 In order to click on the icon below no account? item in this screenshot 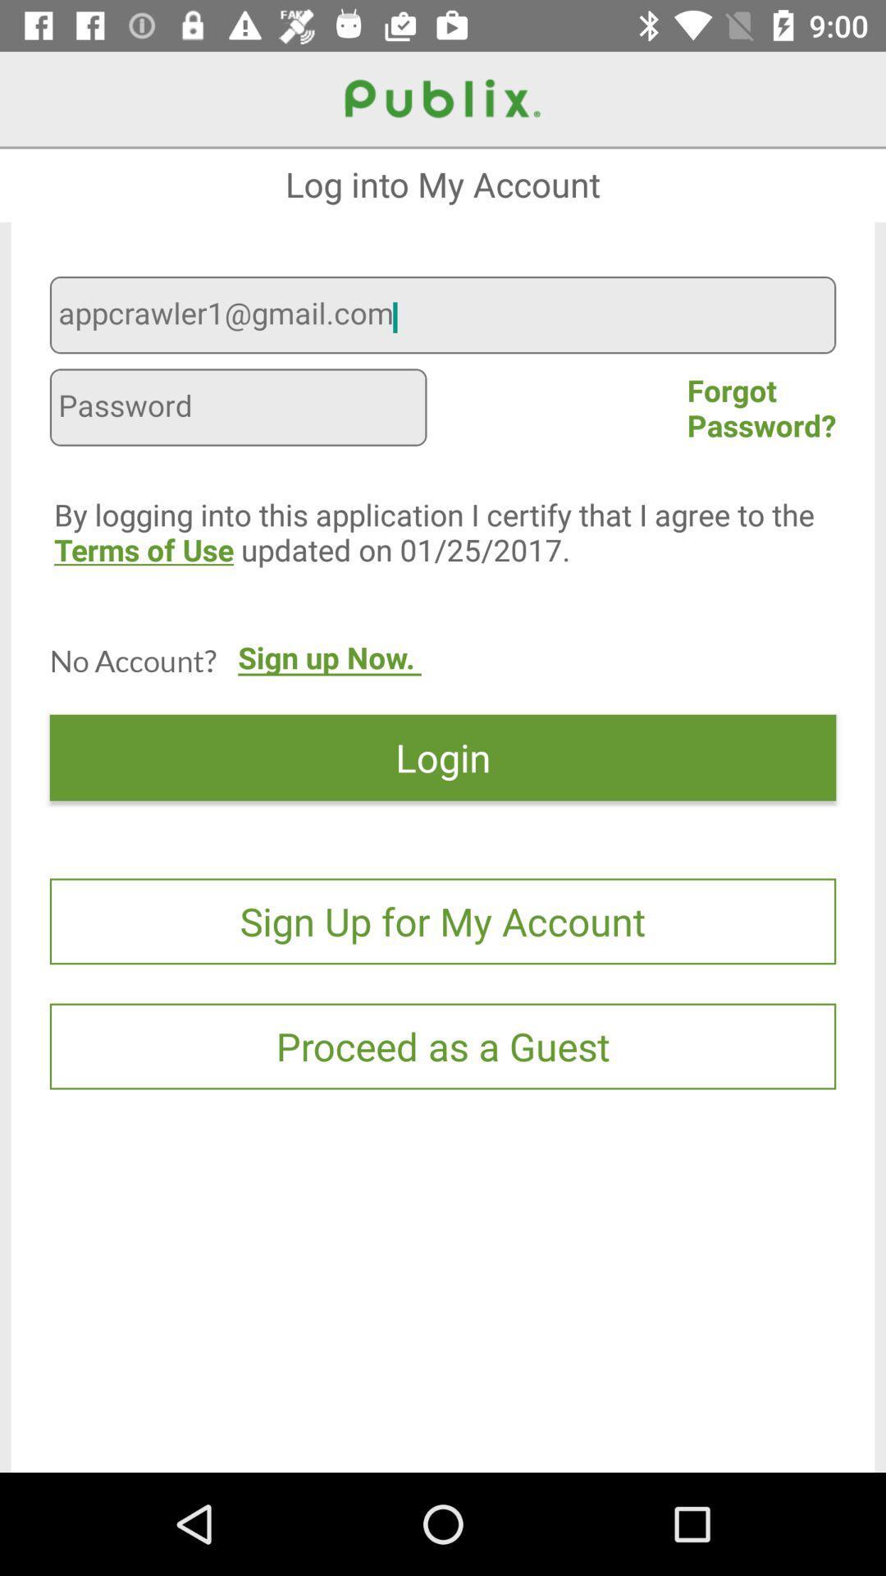, I will do `click(443, 757)`.